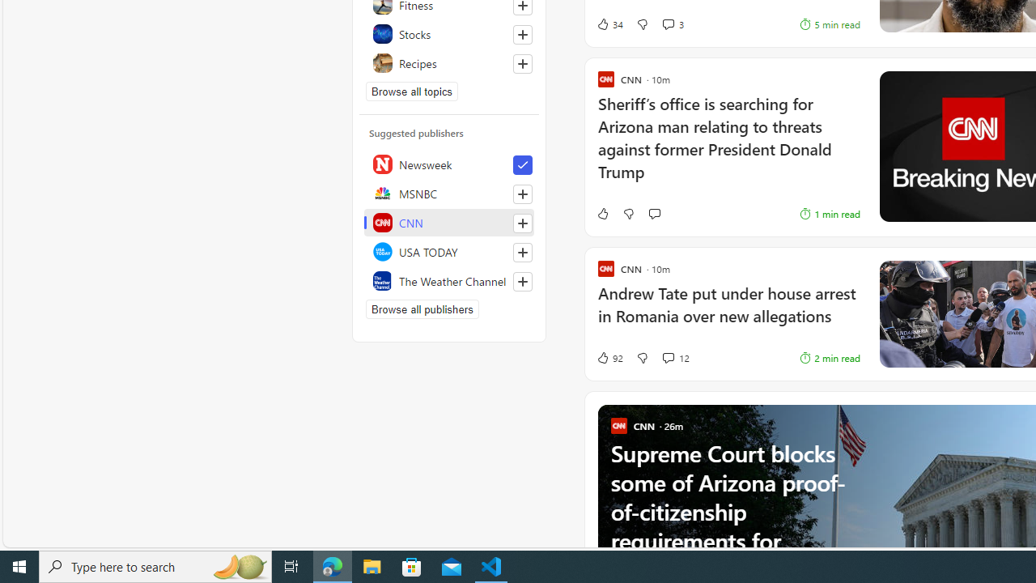 This screenshot has width=1036, height=583. What do you see at coordinates (522, 281) in the screenshot?
I see `'Follow this source'` at bounding box center [522, 281].